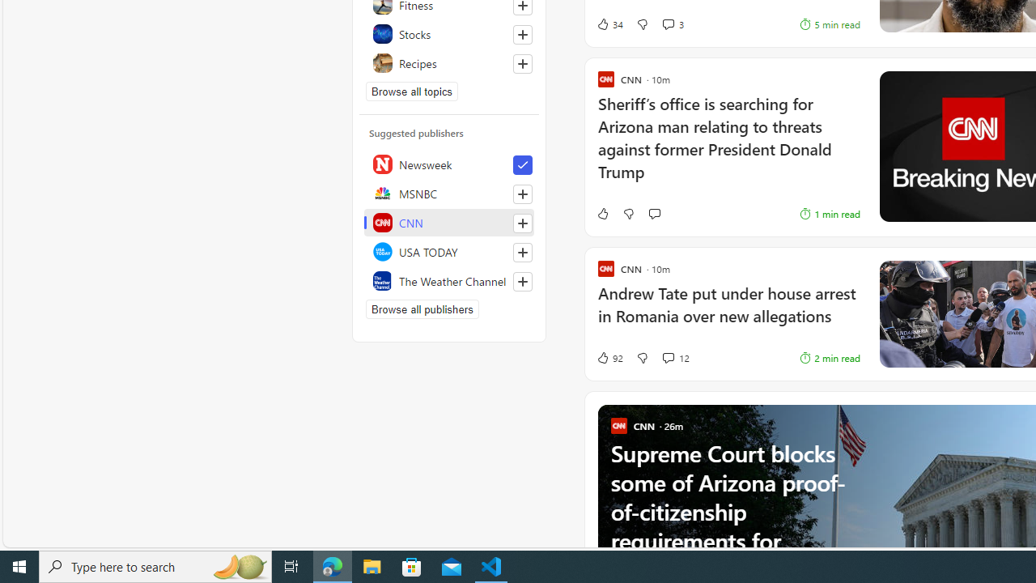 This screenshot has width=1036, height=583. What do you see at coordinates (522, 281) in the screenshot?
I see `'Follow this source'` at bounding box center [522, 281].